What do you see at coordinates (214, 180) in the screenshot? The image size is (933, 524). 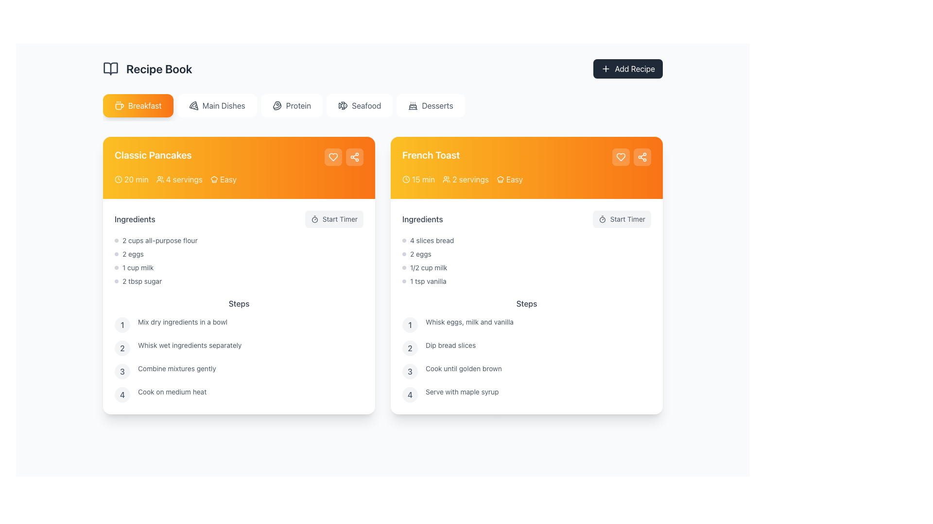 I see `the difficulty level icon representing 'Easy' for the recipe under the title 'Classic Pancakes'` at bounding box center [214, 180].